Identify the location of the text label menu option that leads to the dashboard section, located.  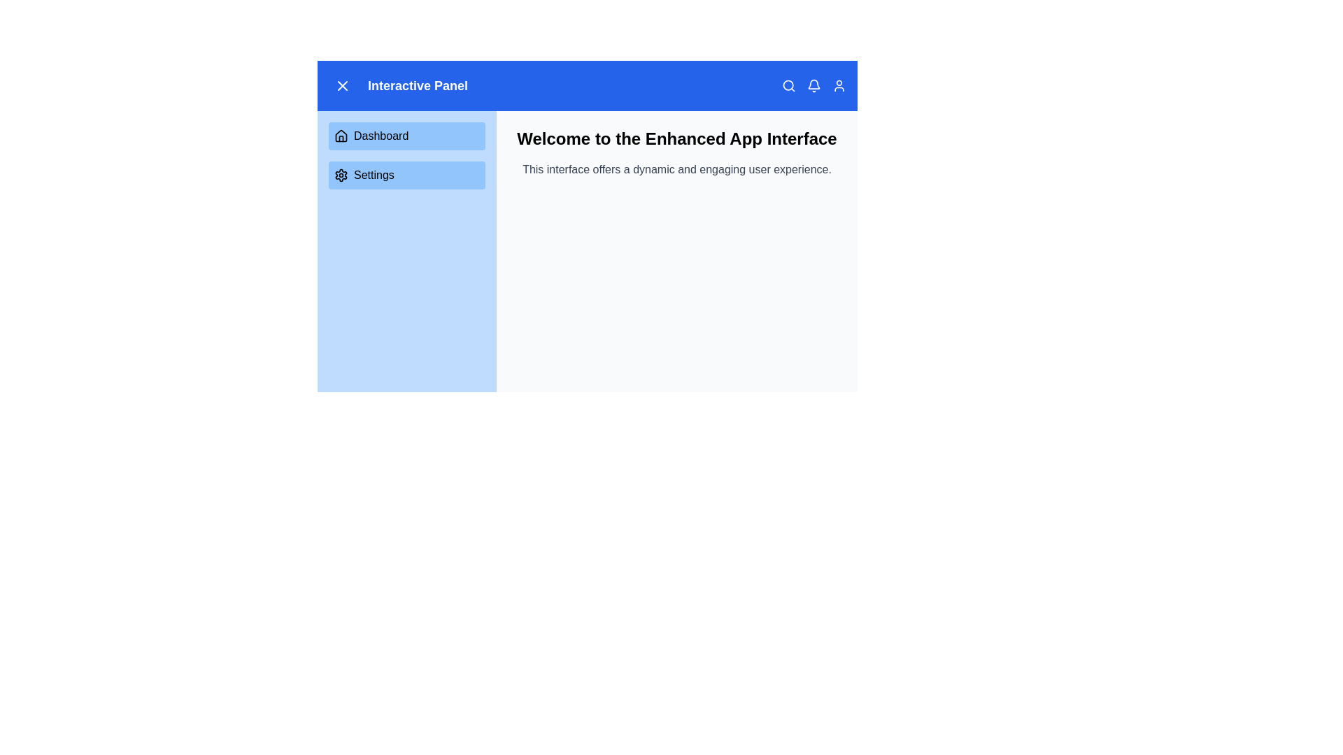
(381, 136).